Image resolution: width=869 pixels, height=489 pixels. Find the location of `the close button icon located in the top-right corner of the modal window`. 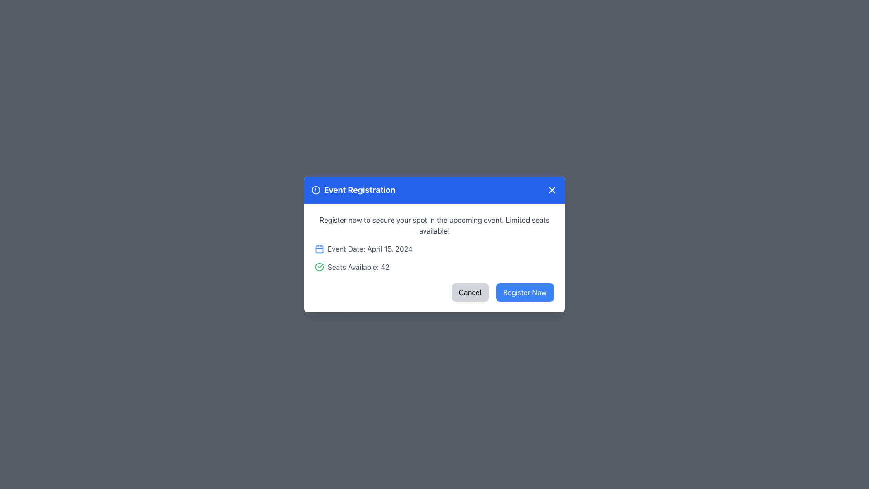

the close button icon located in the top-right corner of the modal window is located at coordinates (551, 190).